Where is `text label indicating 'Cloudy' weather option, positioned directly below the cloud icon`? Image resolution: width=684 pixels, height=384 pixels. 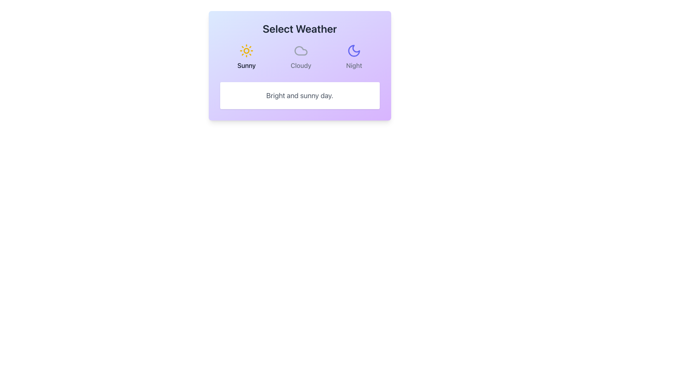
text label indicating 'Cloudy' weather option, positioned directly below the cloud icon is located at coordinates (301, 66).